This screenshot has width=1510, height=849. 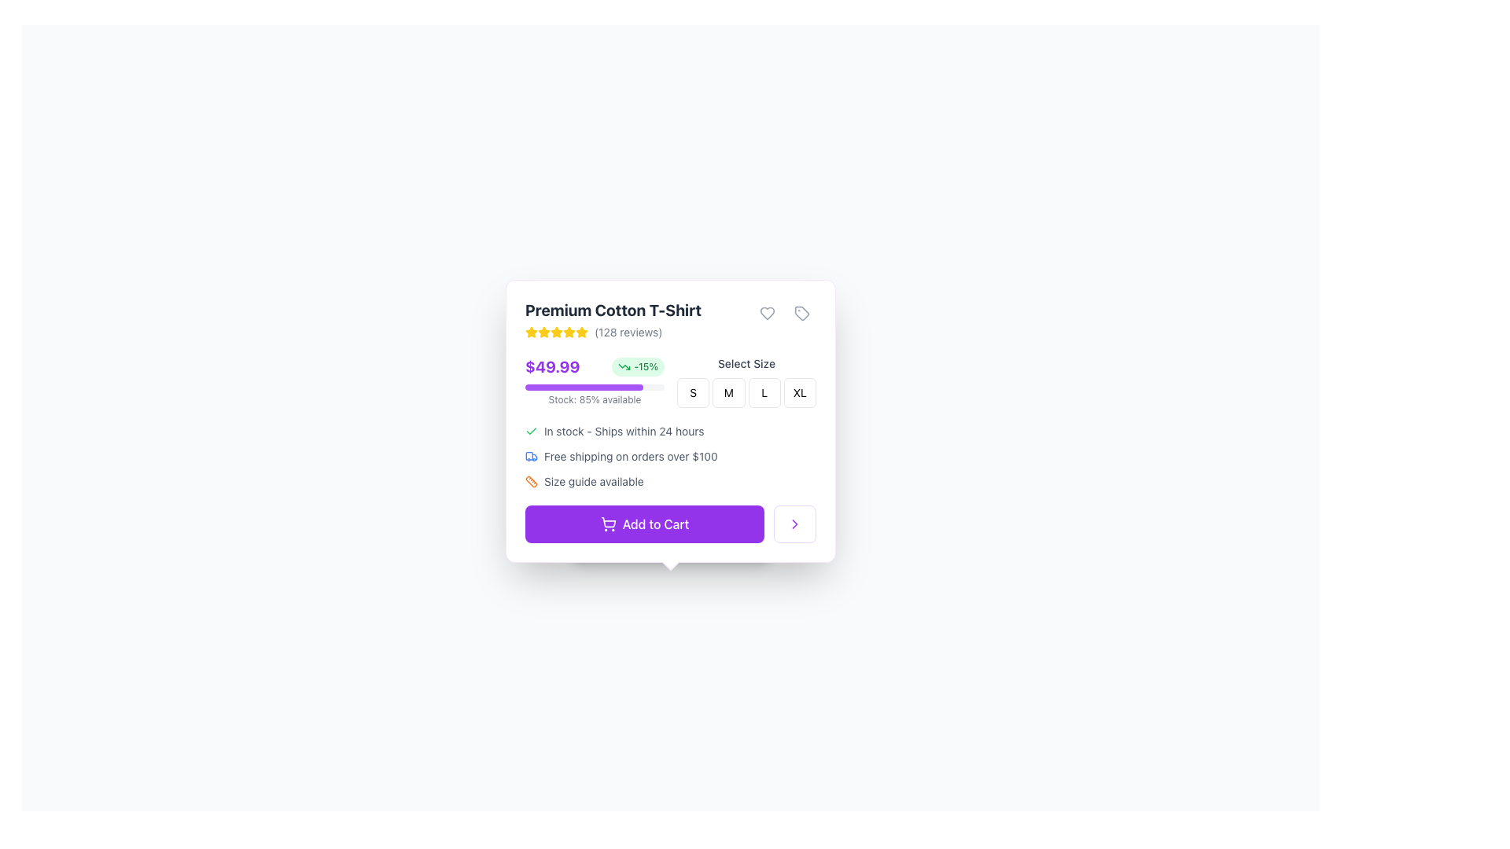 What do you see at coordinates (727, 392) in the screenshot?
I see `the square button labeled 'M' with a white background and rounded corners to observe the hover effect` at bounding box center [727, 392].